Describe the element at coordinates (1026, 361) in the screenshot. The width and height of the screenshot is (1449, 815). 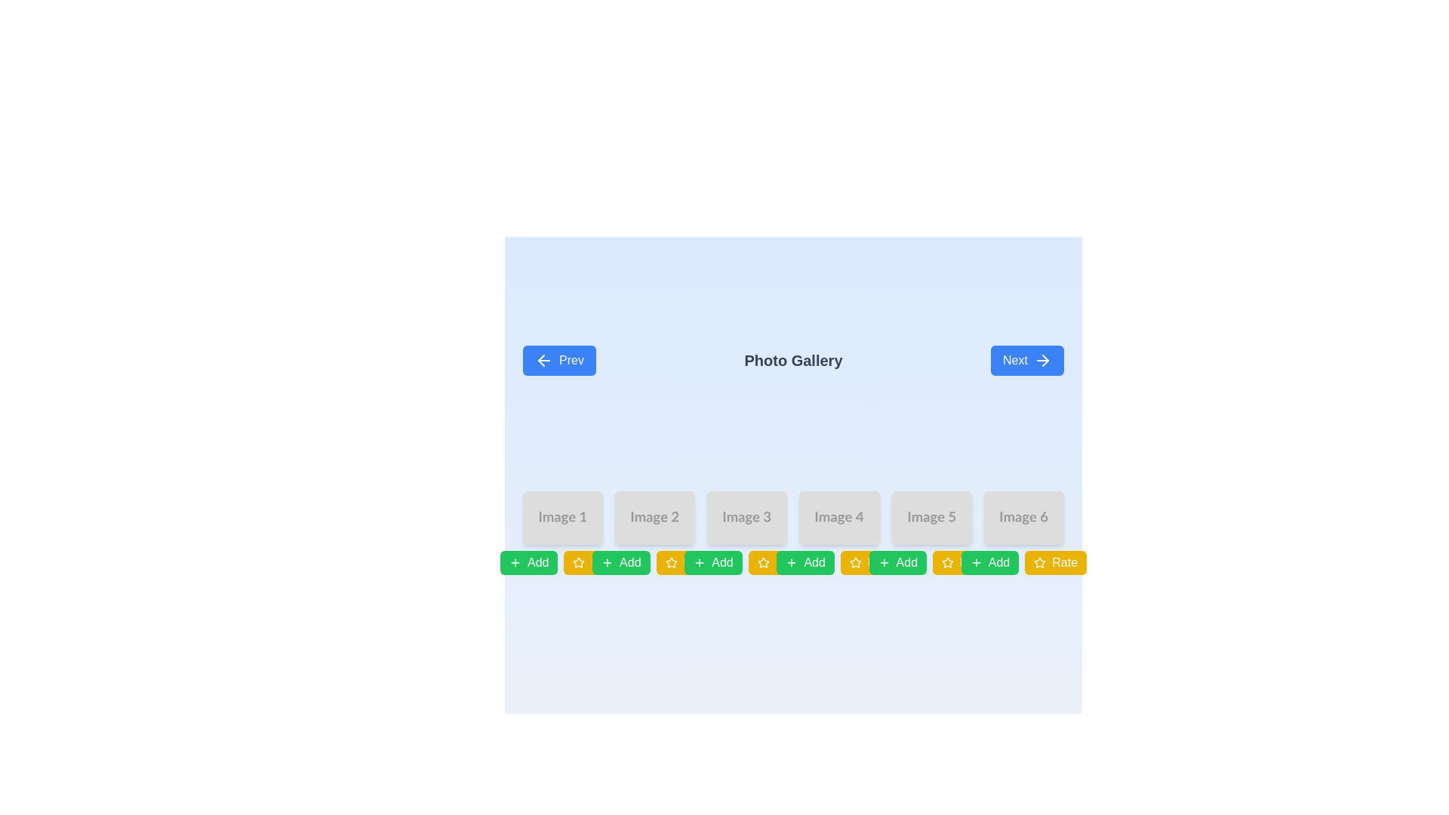
I see `the 'Next' button, which is a rectangular button with a blue background and a 'Next' label` at that location.